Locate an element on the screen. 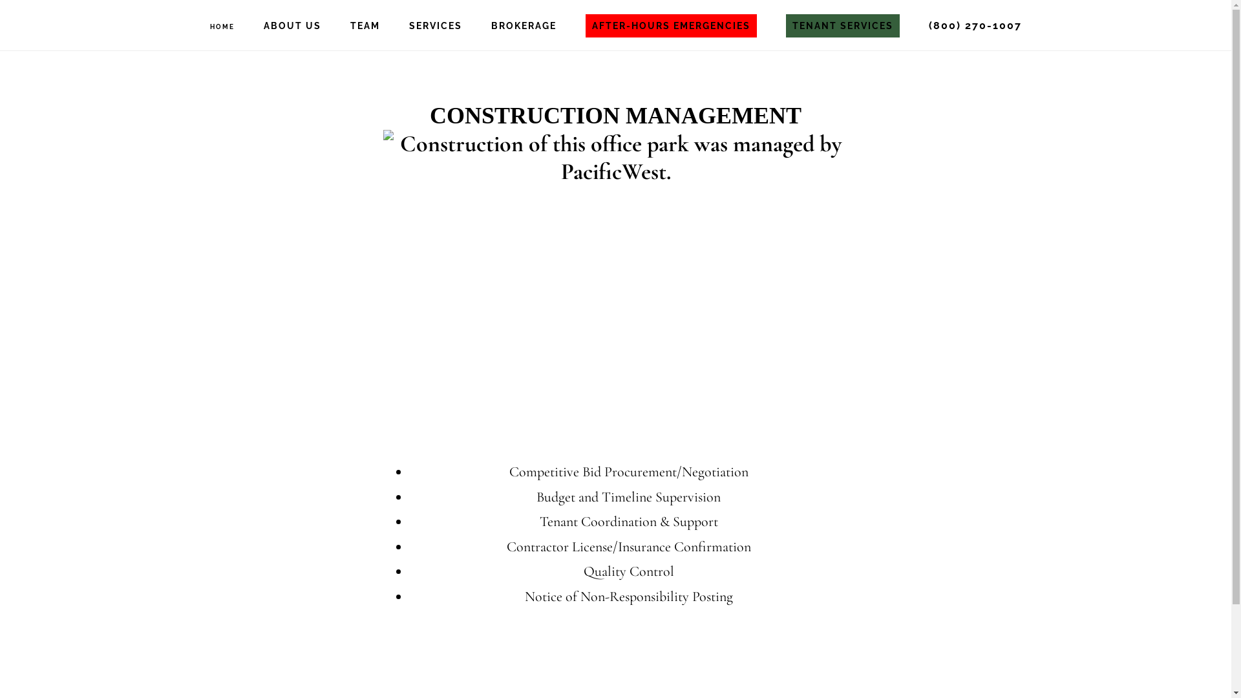  '(800) 270-1007' is located at coordinates (974, 25).